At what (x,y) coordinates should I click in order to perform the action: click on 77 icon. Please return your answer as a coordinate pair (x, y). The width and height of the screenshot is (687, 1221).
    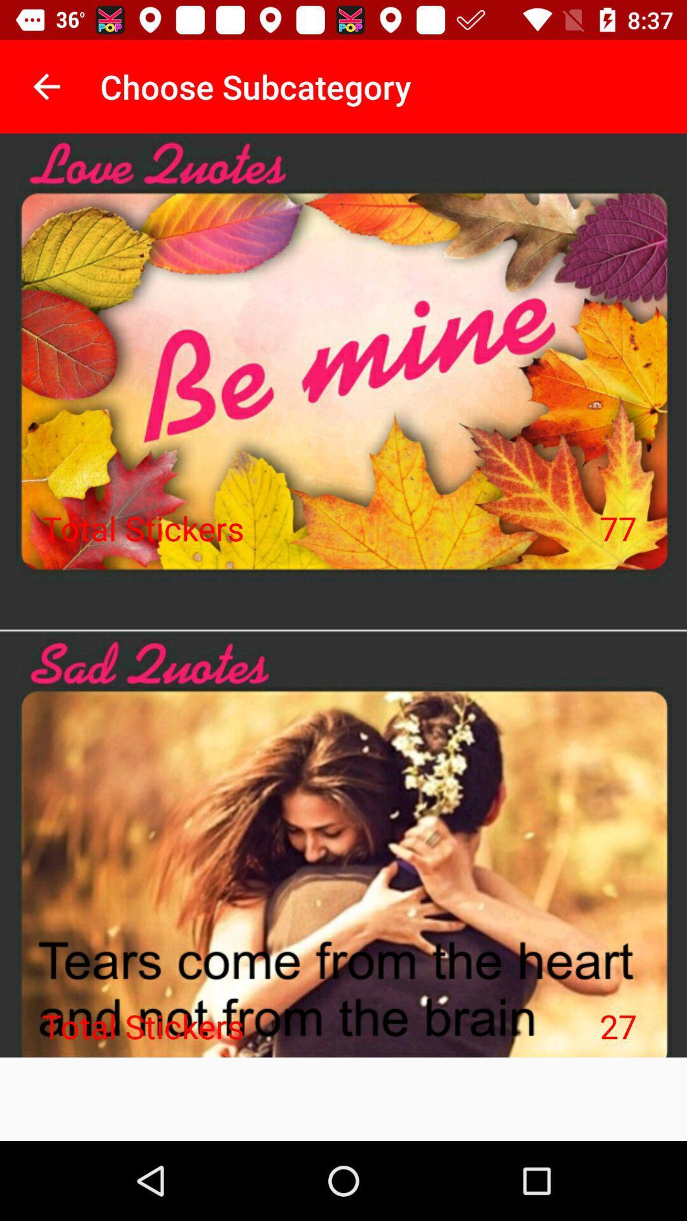
    Looking at the image, I should click on (618, 528).